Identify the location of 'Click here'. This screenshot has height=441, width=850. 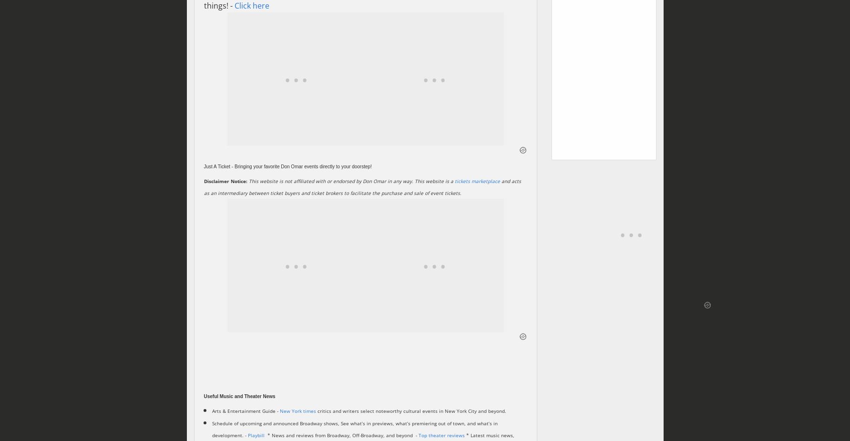
(251, 5).